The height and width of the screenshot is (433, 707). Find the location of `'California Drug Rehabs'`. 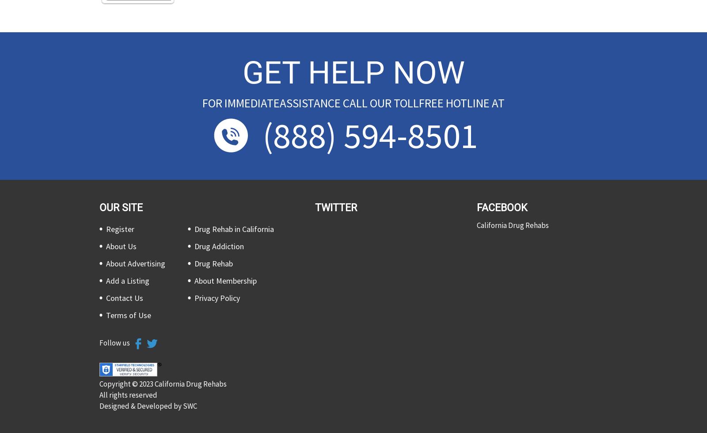

'California Drug Rehabs' is located at coordinates (513, 225).